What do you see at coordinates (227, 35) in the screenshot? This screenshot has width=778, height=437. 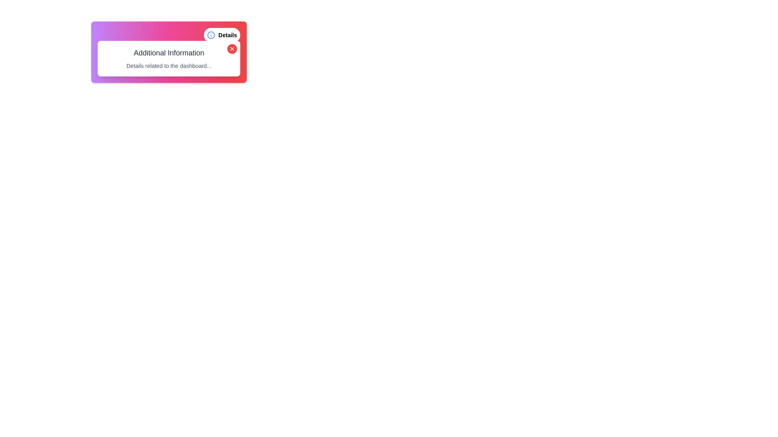 I see `the 'Details' text label located to the right of the informational icon in the top-right corner of the interface` at bounding box center [227, 35].